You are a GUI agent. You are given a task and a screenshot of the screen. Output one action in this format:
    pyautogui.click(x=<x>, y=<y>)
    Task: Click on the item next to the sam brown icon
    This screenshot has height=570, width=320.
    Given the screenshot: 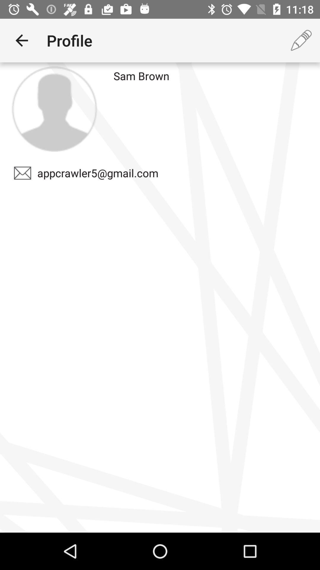 What is the action you would take?
    pyautogui.click(x=54, y=109)
    